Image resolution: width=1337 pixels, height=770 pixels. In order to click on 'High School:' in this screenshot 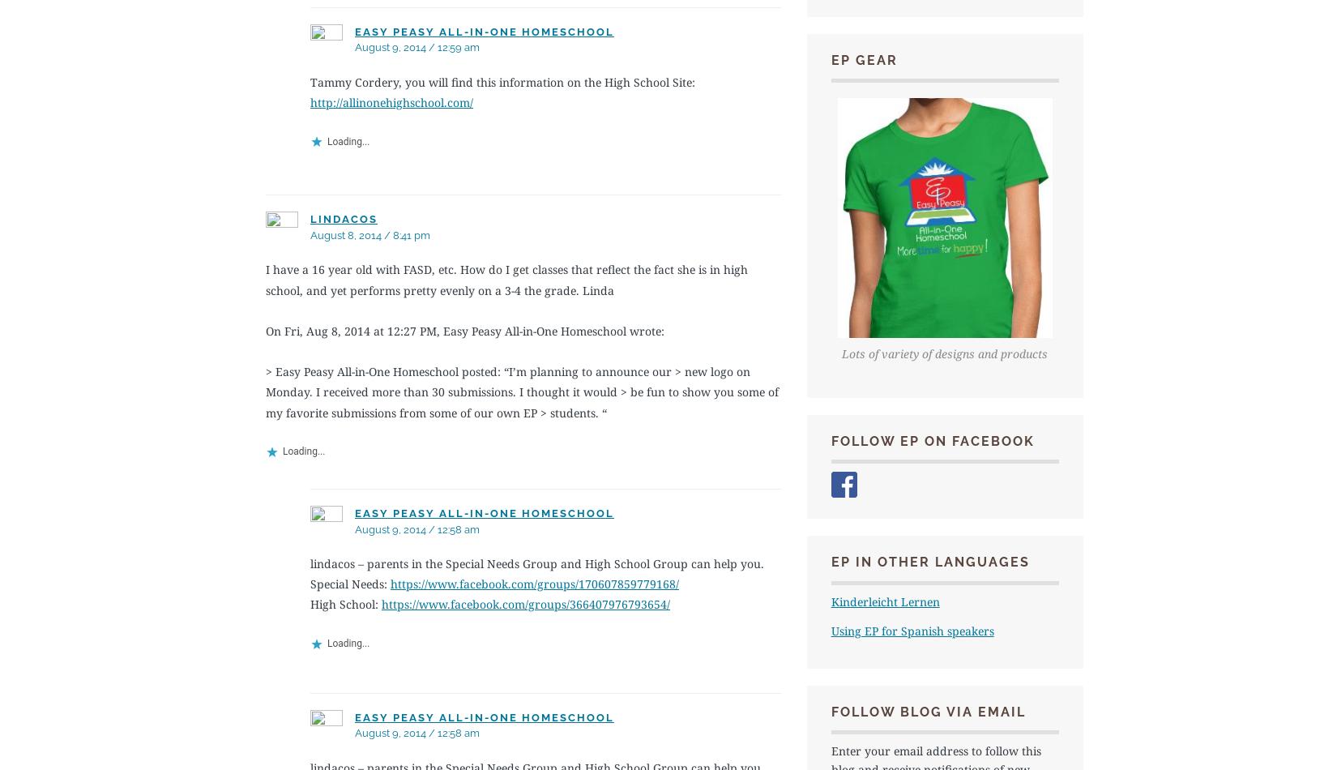, I will do `click(345, 603)`.